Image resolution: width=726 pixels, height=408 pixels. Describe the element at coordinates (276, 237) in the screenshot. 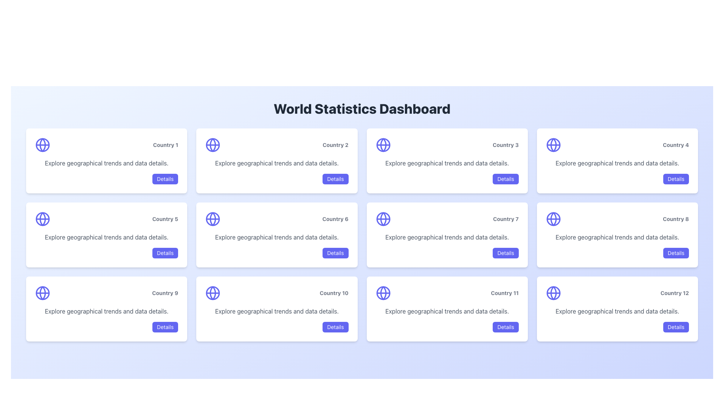

I see `the static text element that displays 'Explore geographical trends and data details.' located in the second row of the dashboard under the label 'Country 6'` at that location.